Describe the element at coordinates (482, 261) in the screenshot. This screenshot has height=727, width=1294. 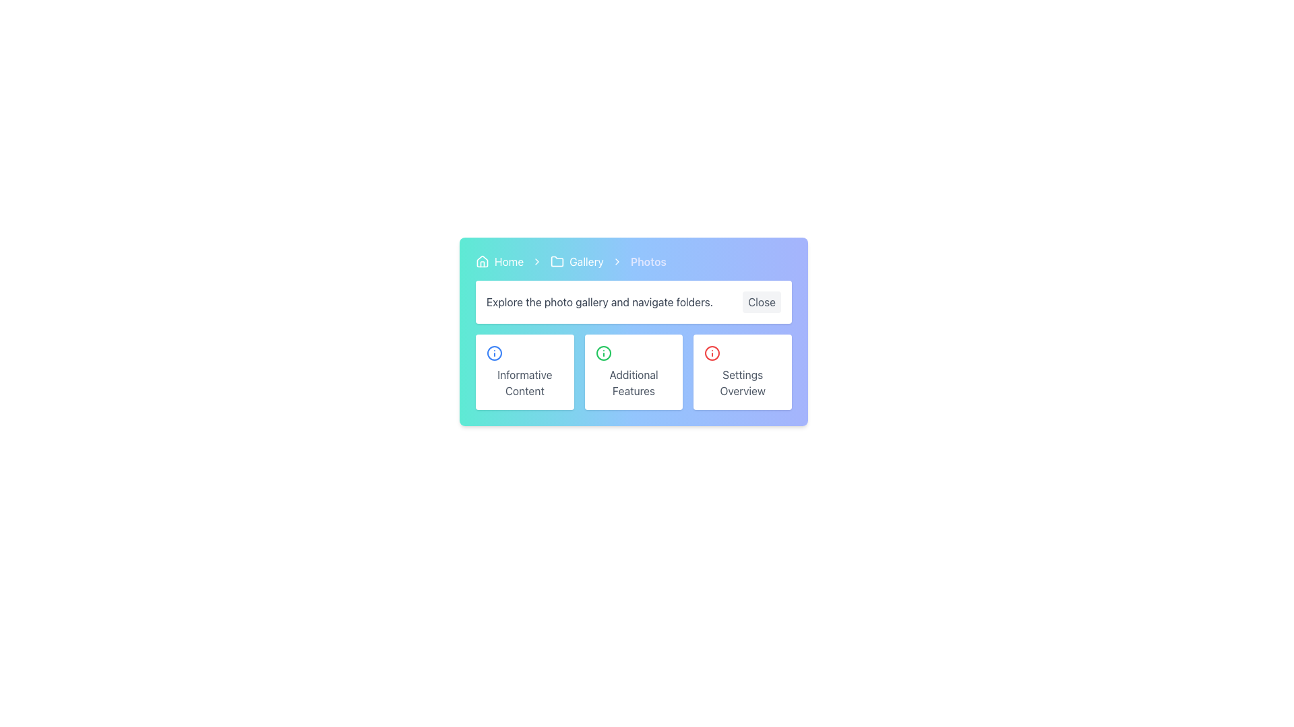
I see `the 'Home' SVG icon located on the left-most side of the breadcrumb navigation bar` at that location.